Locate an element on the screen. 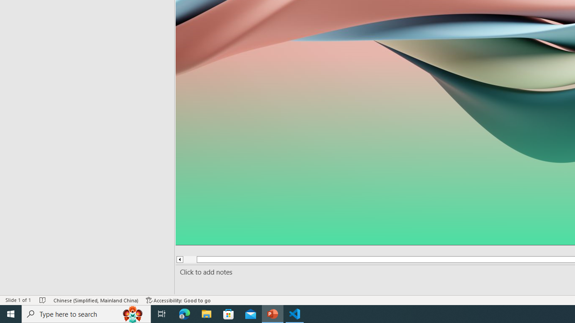 This screenshot has width=575, height=323. 'Accessibility Checker Accessibility: Good to go' is located at coordinates (178, 300).